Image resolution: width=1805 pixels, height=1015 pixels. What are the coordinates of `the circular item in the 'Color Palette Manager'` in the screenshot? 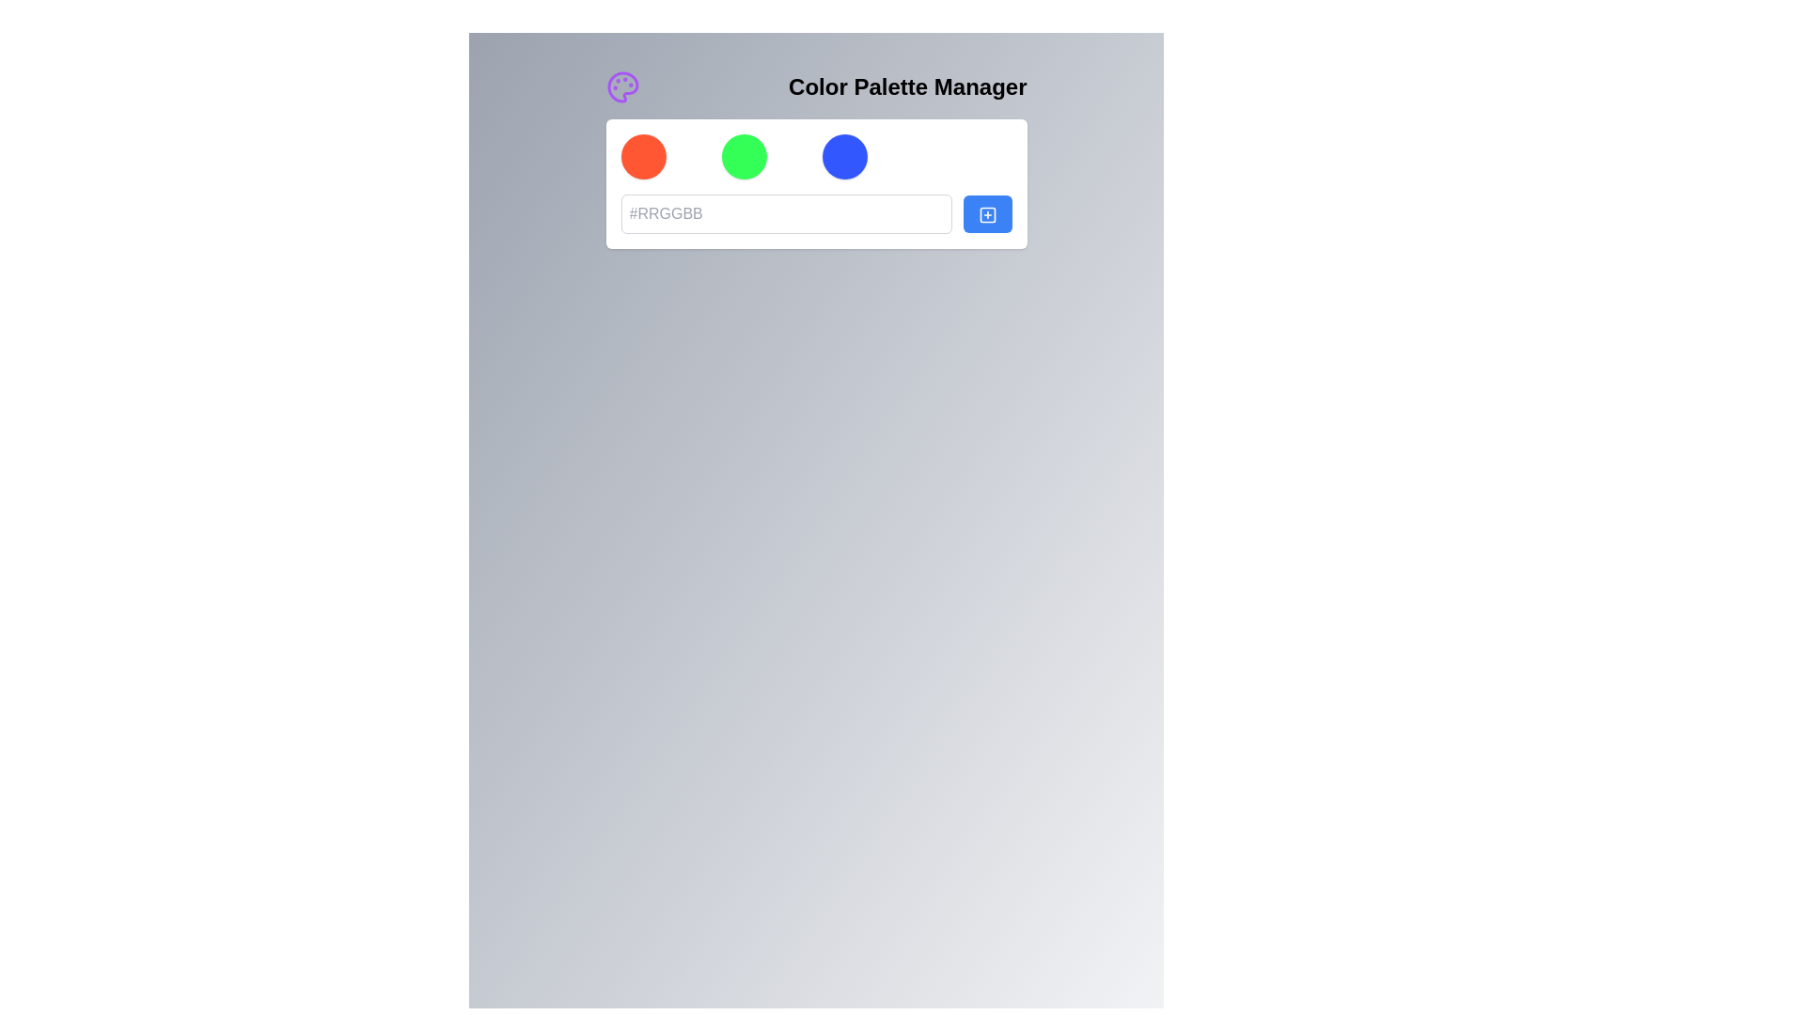 It's located at (816, 155).